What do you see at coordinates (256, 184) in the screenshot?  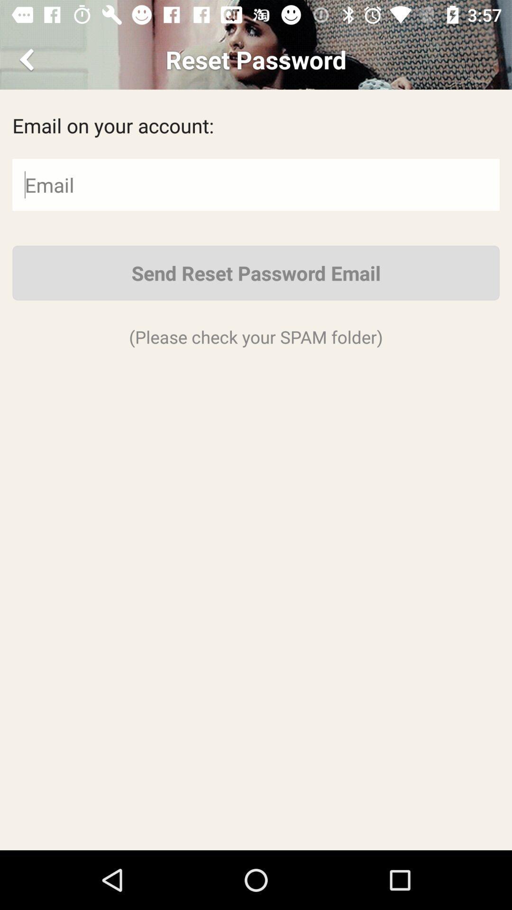 I see `typing box` at bounding box center [256, 184].